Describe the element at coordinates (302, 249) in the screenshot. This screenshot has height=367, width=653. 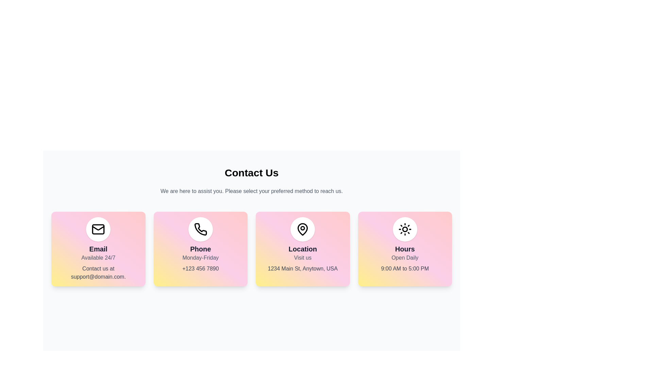
I see `the Text label that serves as a section title within its card, located beneath the map pin icon and above 'Visit us'` at that location.